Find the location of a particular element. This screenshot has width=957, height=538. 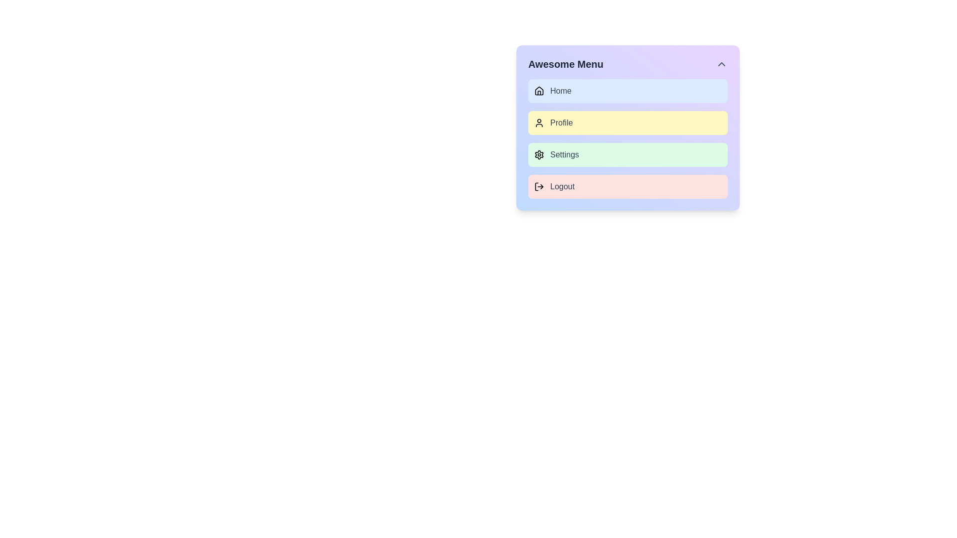

the Logout button located in the Awesome Menu is located at coordinates (627, 186).